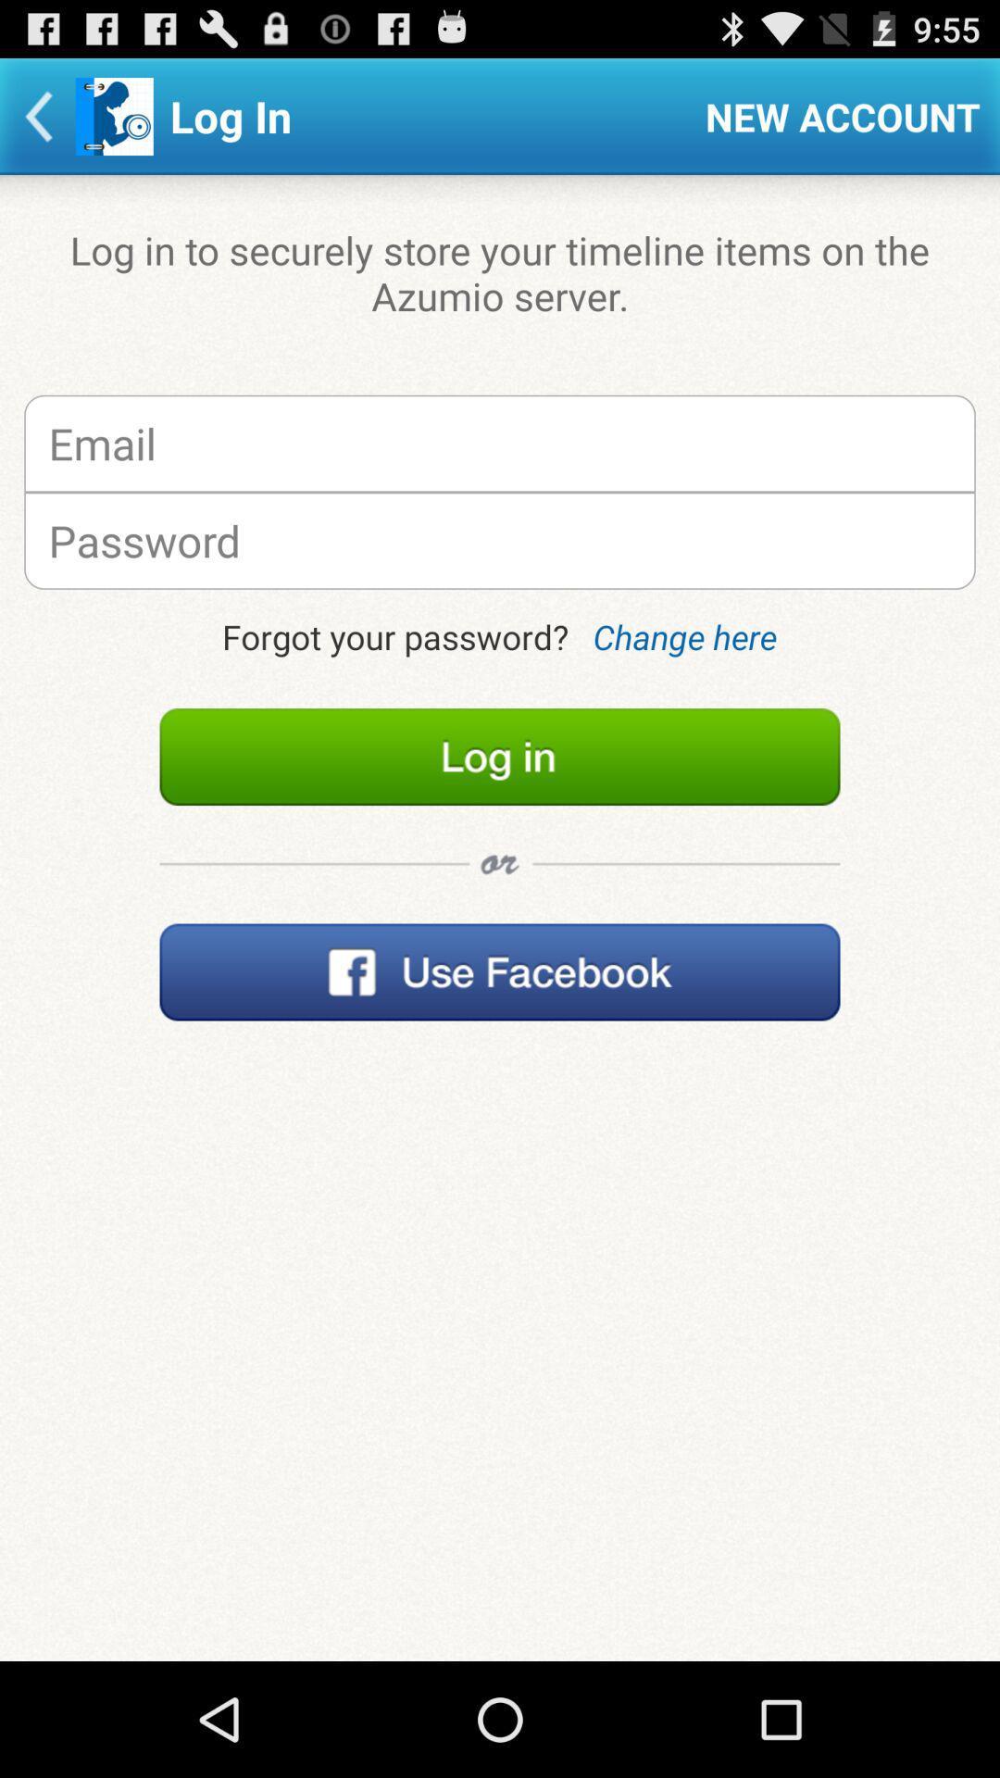  What do you see at coordinates (500, 443) in the screenshot?
I see `imput email associated with account` at bounding box center [500, 443].